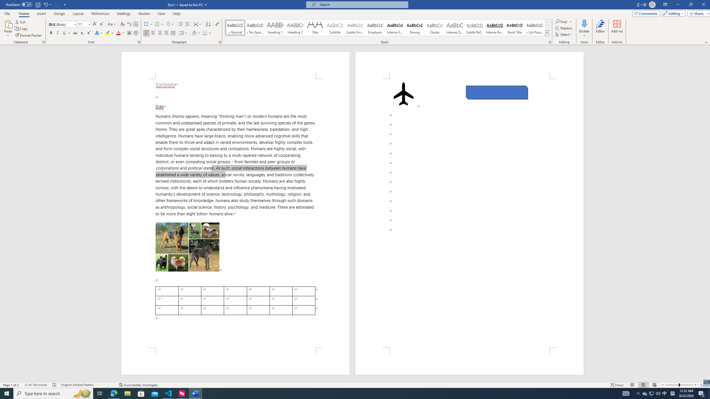 The image size is (710, 399). Describe the element at coordinates (22, 29) in the screenshot. I see `'Copy'` at that location.